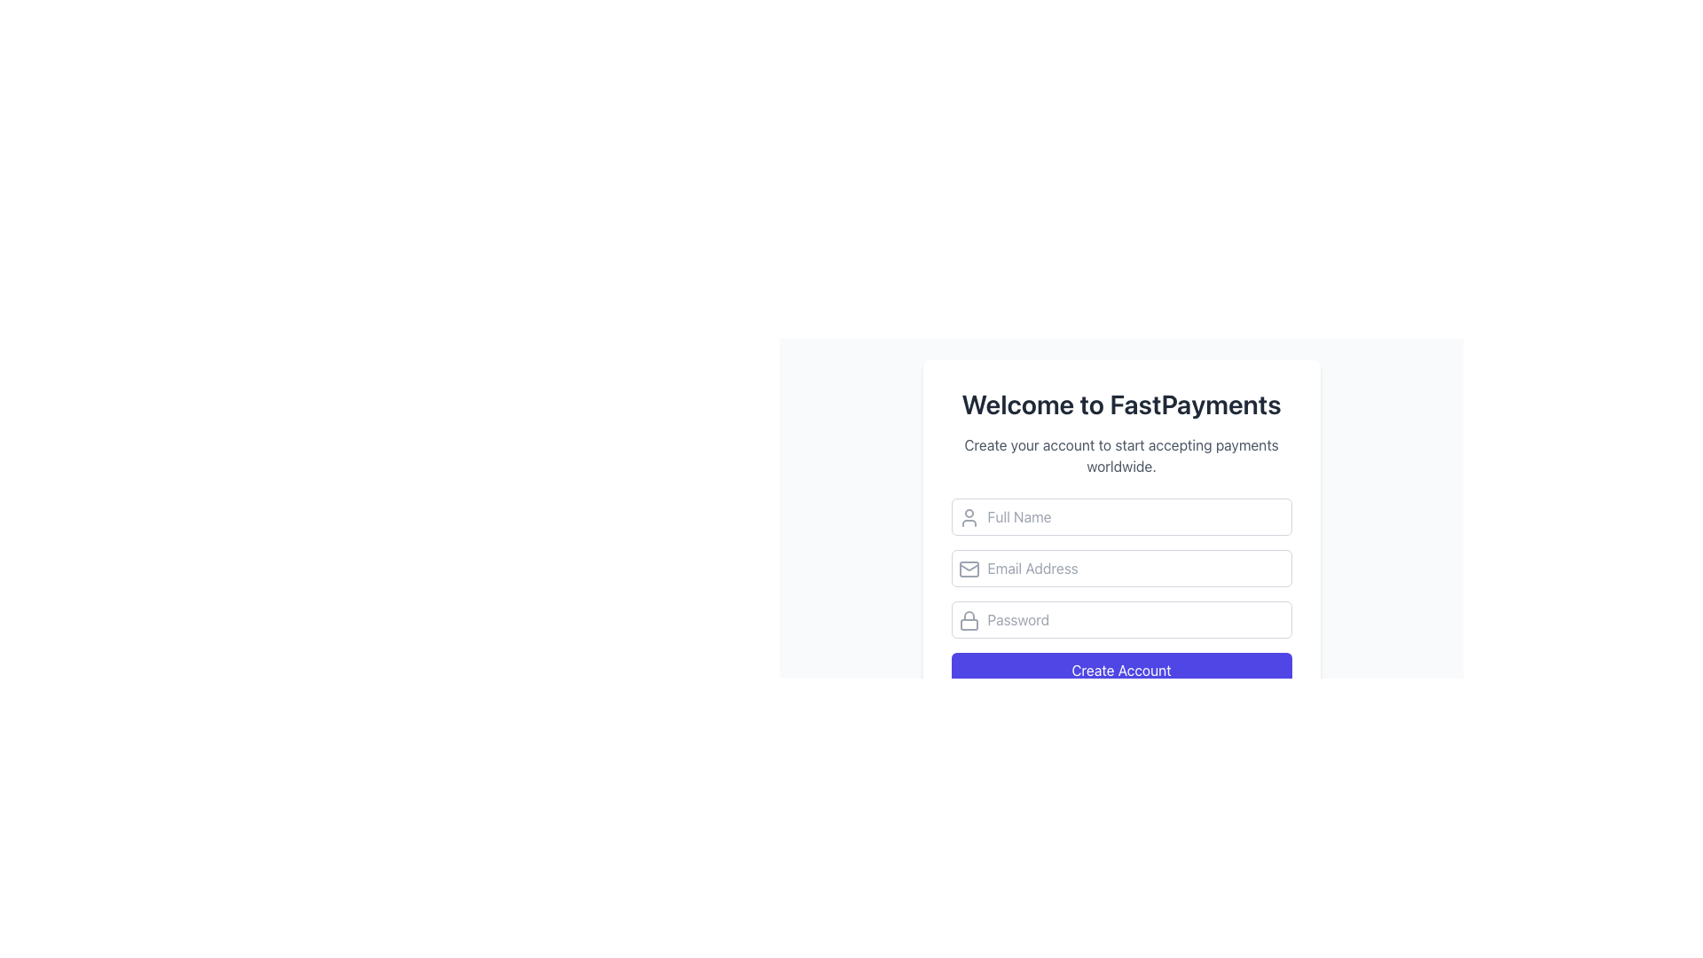  What do you see at coordinates (1120, 454) in the screenshot?
I see `informative text displayed in the text label that says 'Create your account to start accepting payments worldwide.' positioned beneath the main title 'Welcome to FastPayments'` at bounding box center [1120, 454].